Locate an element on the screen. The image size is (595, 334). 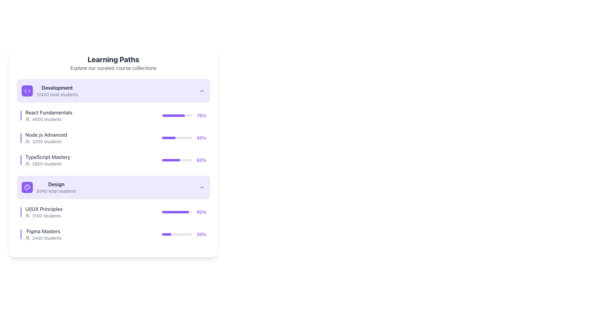
progress is located at coordinates (172, 138).